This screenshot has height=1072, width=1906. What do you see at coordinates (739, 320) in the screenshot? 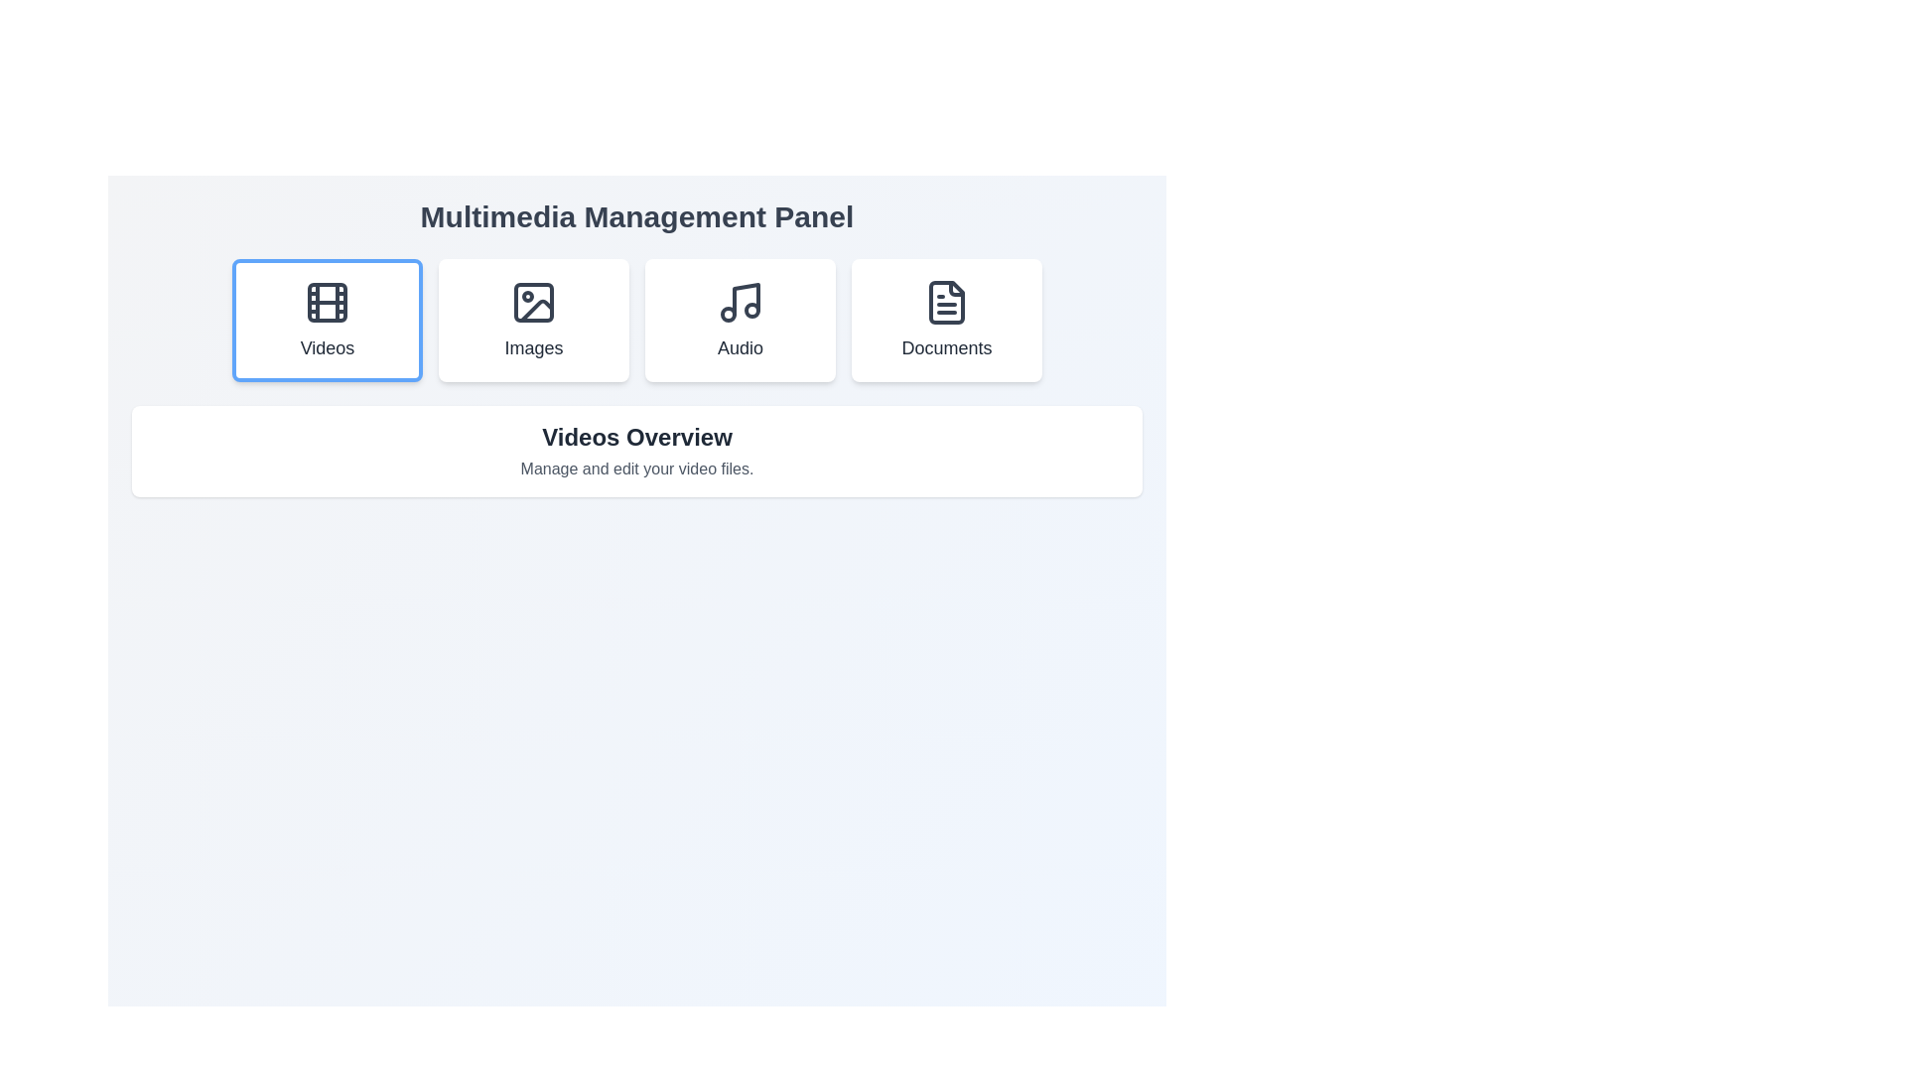
I see `the 'Audio' button card, which is the third card in a row of four, featuring a musical note icon and bold text label 'Audio'` at bounding box center [739, 320].